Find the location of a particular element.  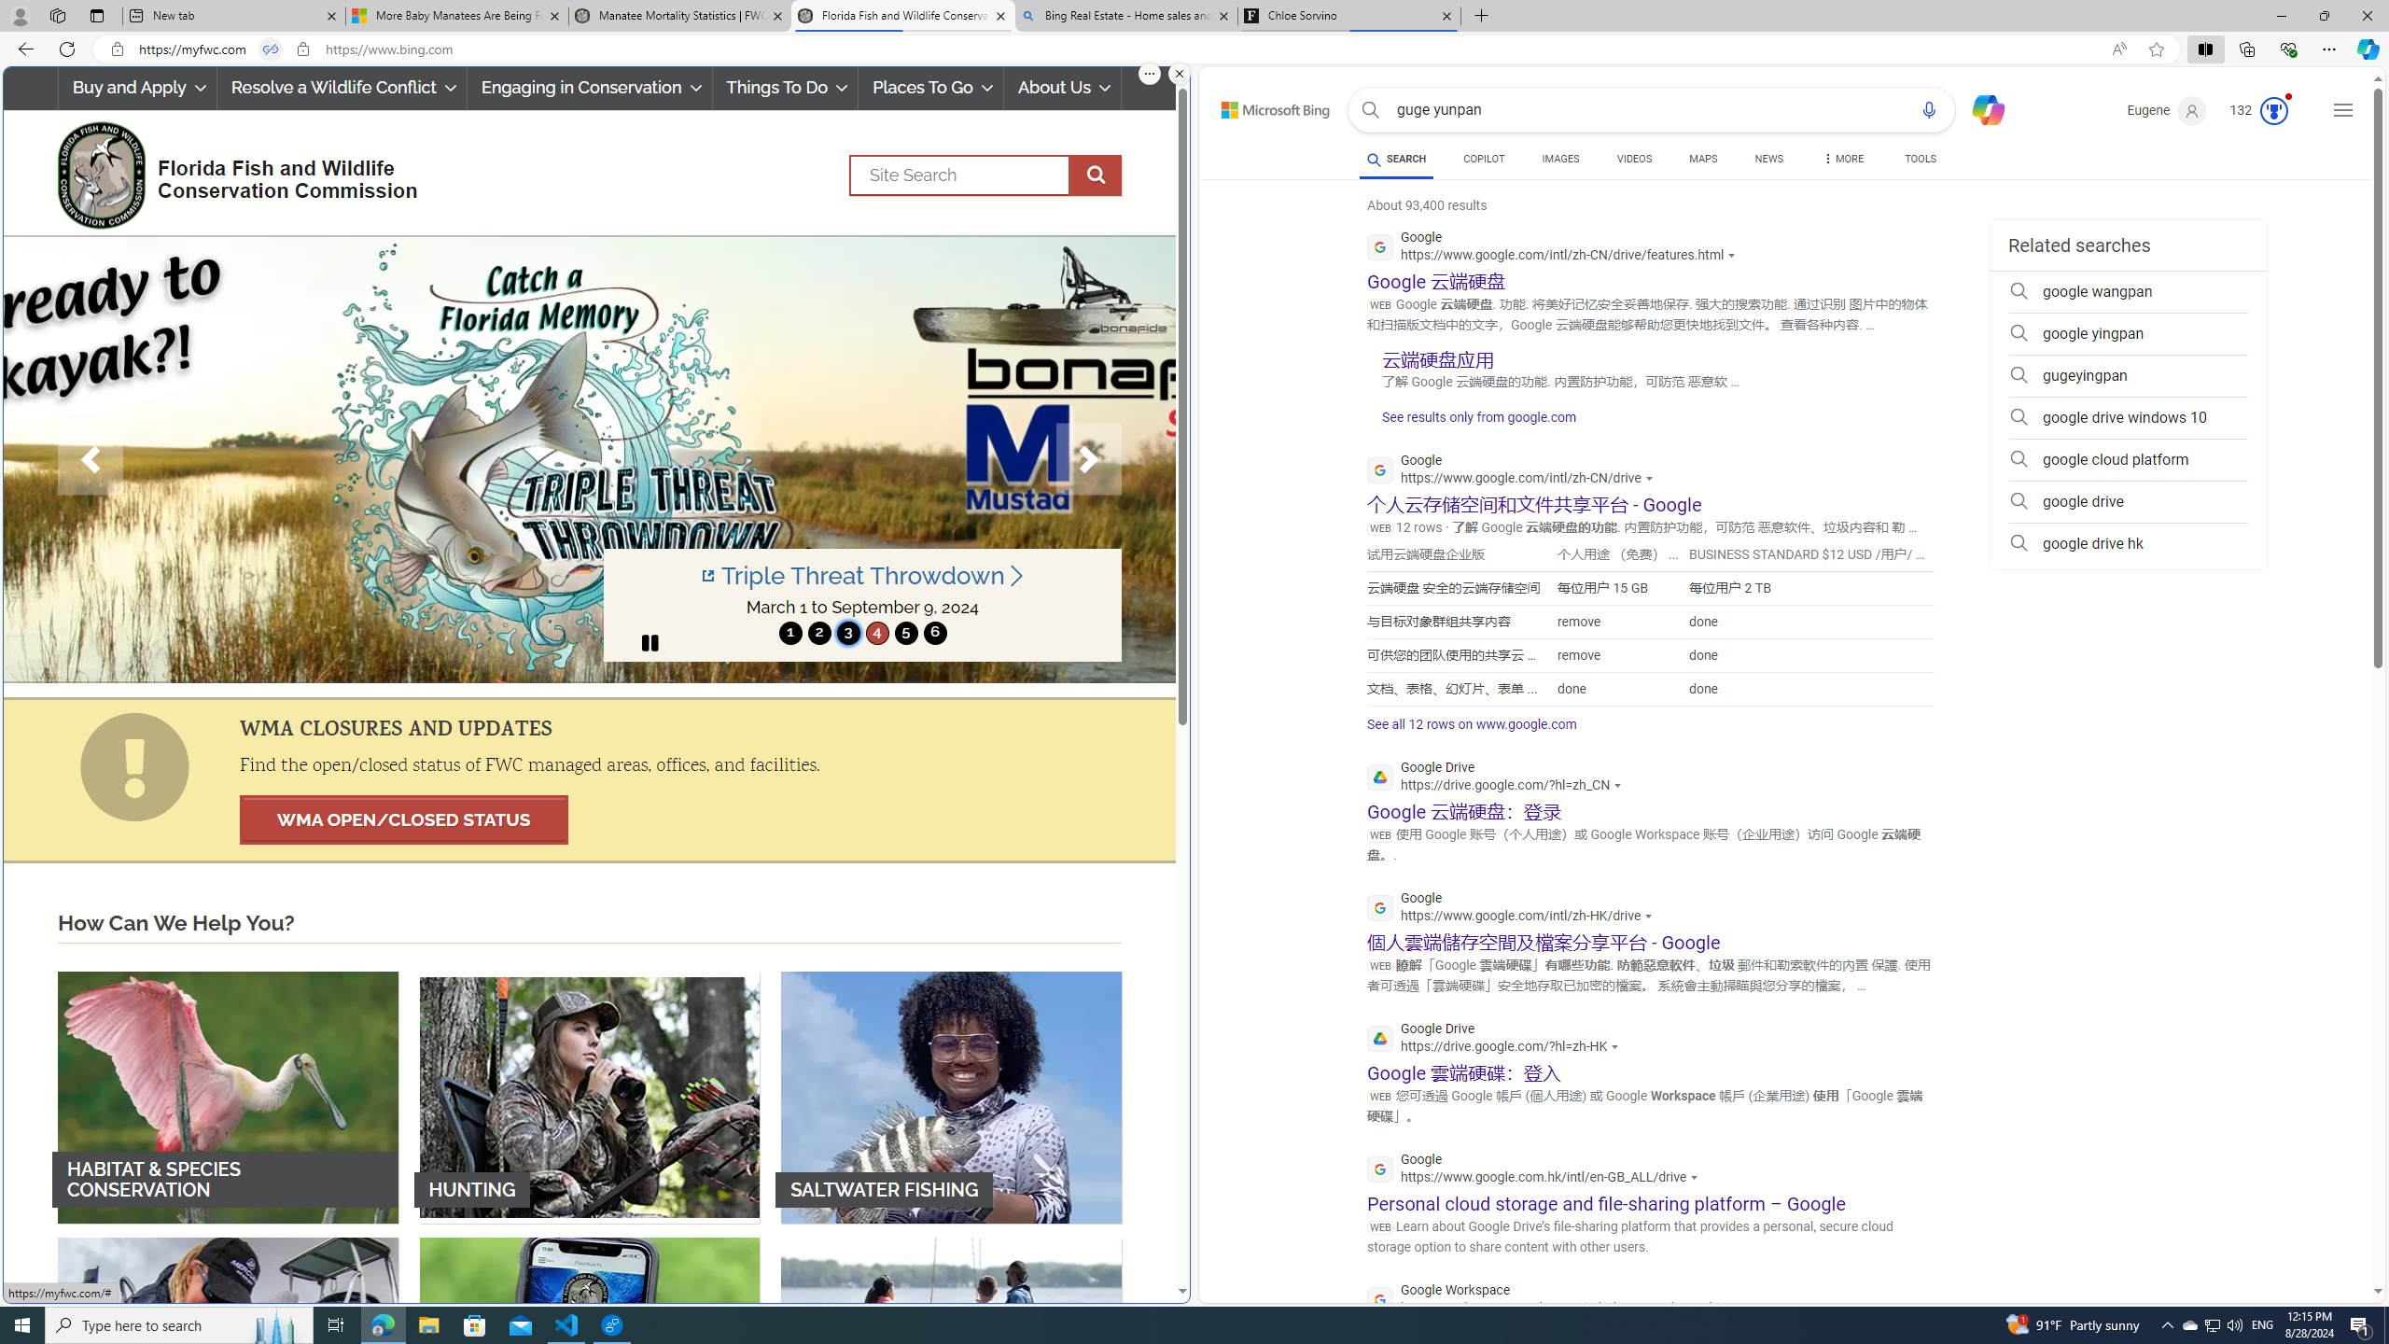

'Copilot (Ctrl+Shift+.)' is located at coordinates (2366, 48).